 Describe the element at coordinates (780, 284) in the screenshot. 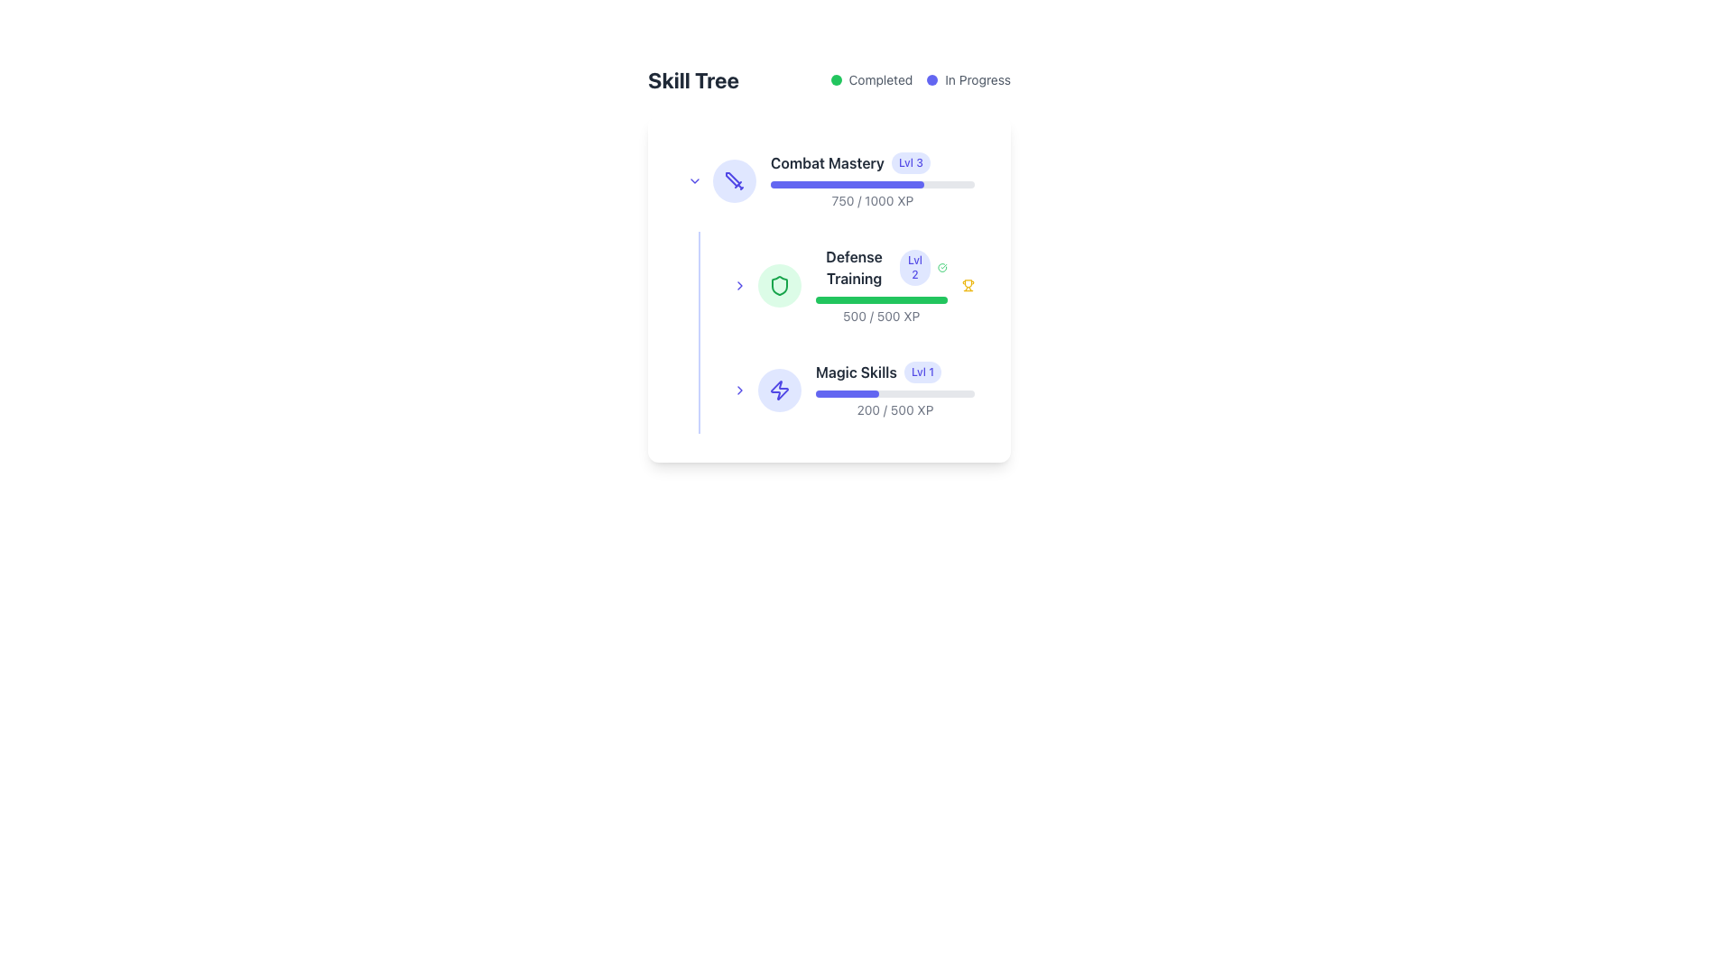

I see `the 'Defense Training' skill icon, which is located within a green circular background and is adjacent to the 'Defense Training' text in the Skill Tree interface` at that location.